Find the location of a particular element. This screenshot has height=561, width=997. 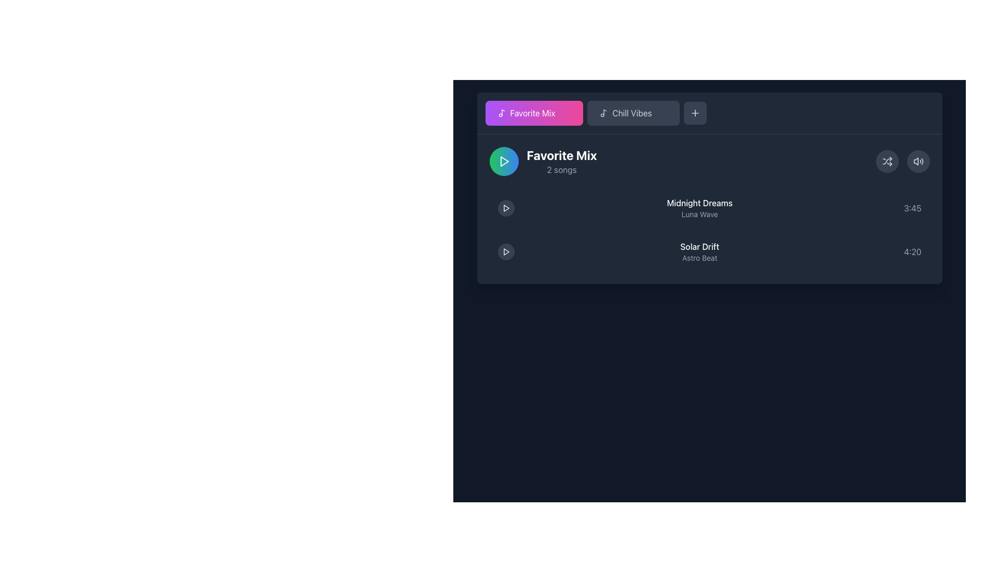

the play icon located in the top left section of the card layout is located at coordinates (506, 208).